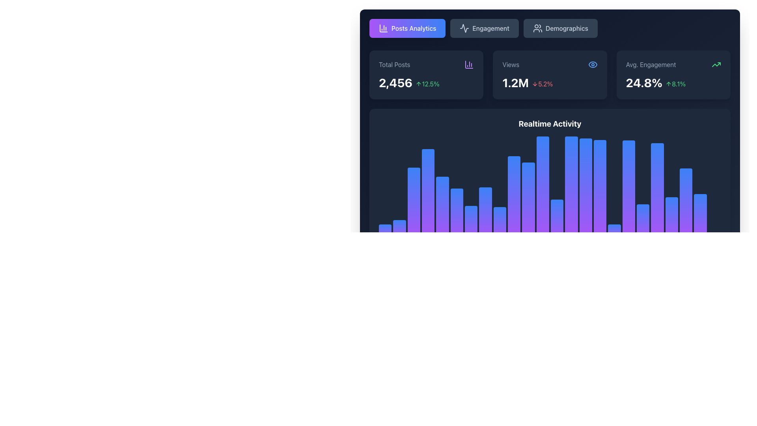 The width and height of the screenshot is (757, 426). Describe the element at coordinates (671, 186) in the screenshot. I see `the 22nd bar in the histogram or bar chart` at that location.